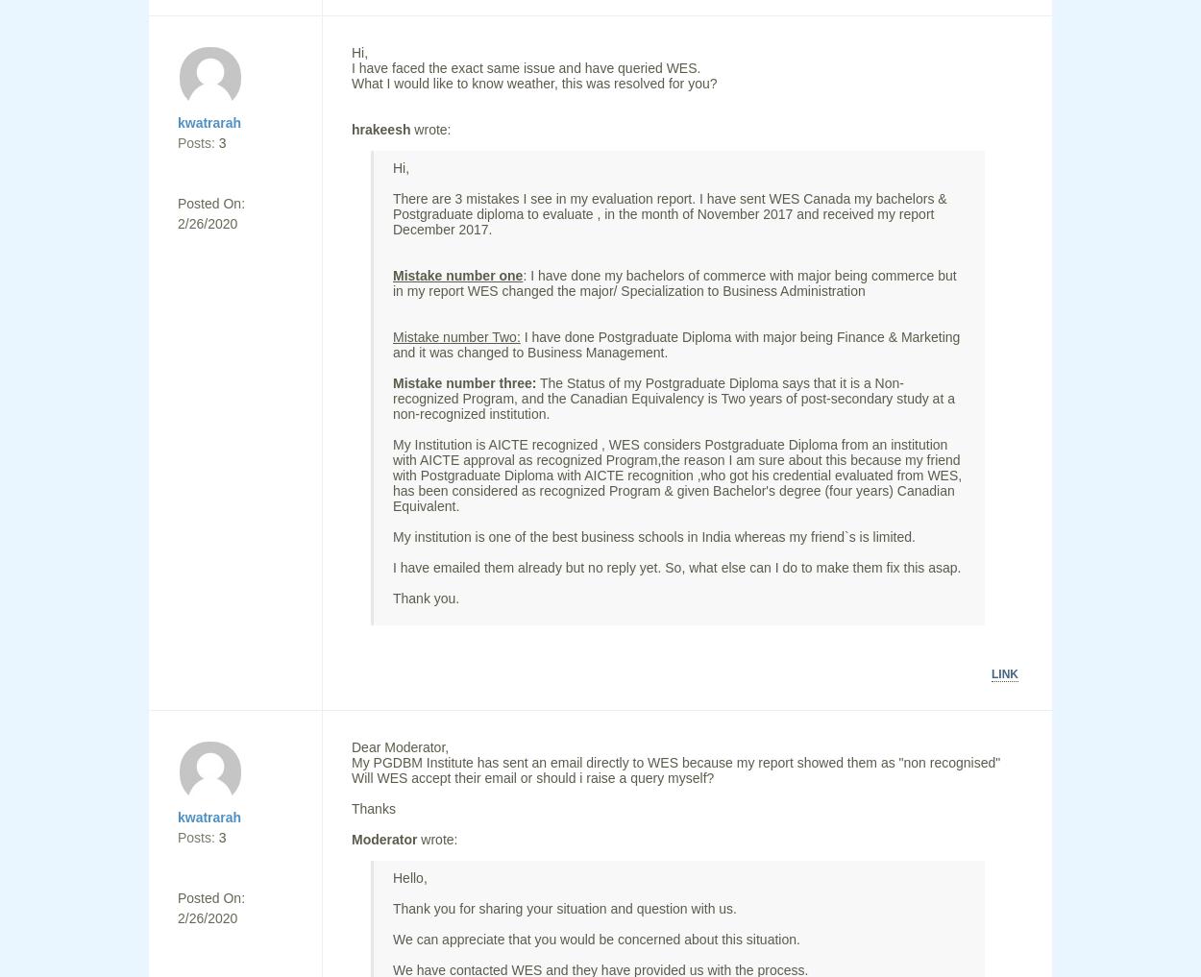 This screenshot has height=977, width=1201. I want to click on 'Moderator', so click(351, 840).